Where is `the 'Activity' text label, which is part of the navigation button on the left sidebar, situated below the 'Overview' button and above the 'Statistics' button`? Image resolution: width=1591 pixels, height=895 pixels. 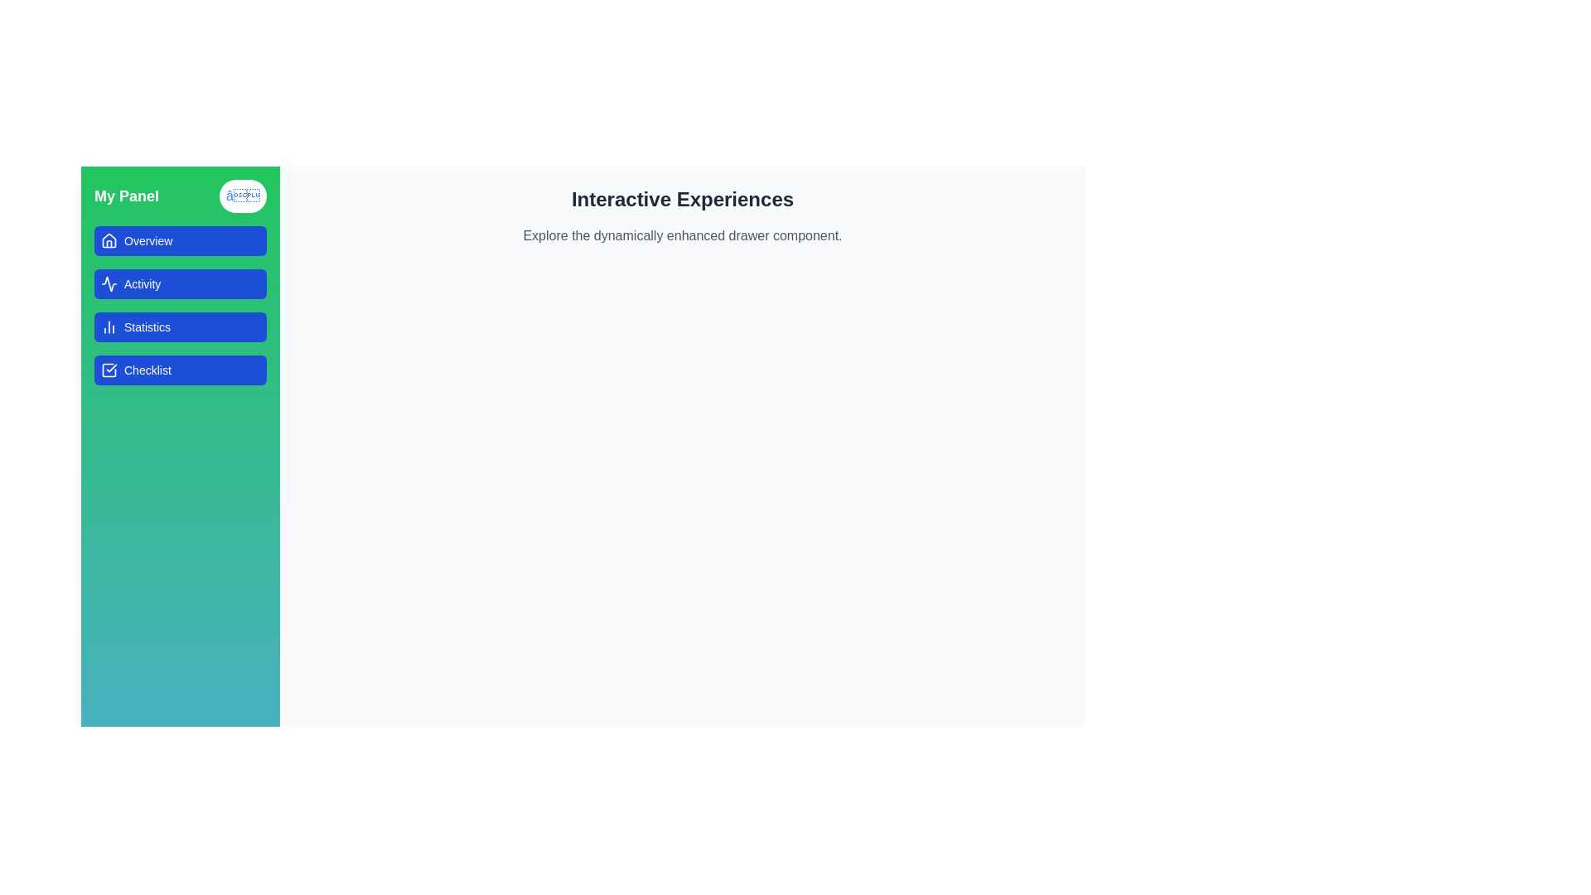
the 'Activity' text label, which is part of the navigation button on the left sidebar, situated below the 'Overview' button and above the 'Statistics' button is located at coordinates (143, 283).